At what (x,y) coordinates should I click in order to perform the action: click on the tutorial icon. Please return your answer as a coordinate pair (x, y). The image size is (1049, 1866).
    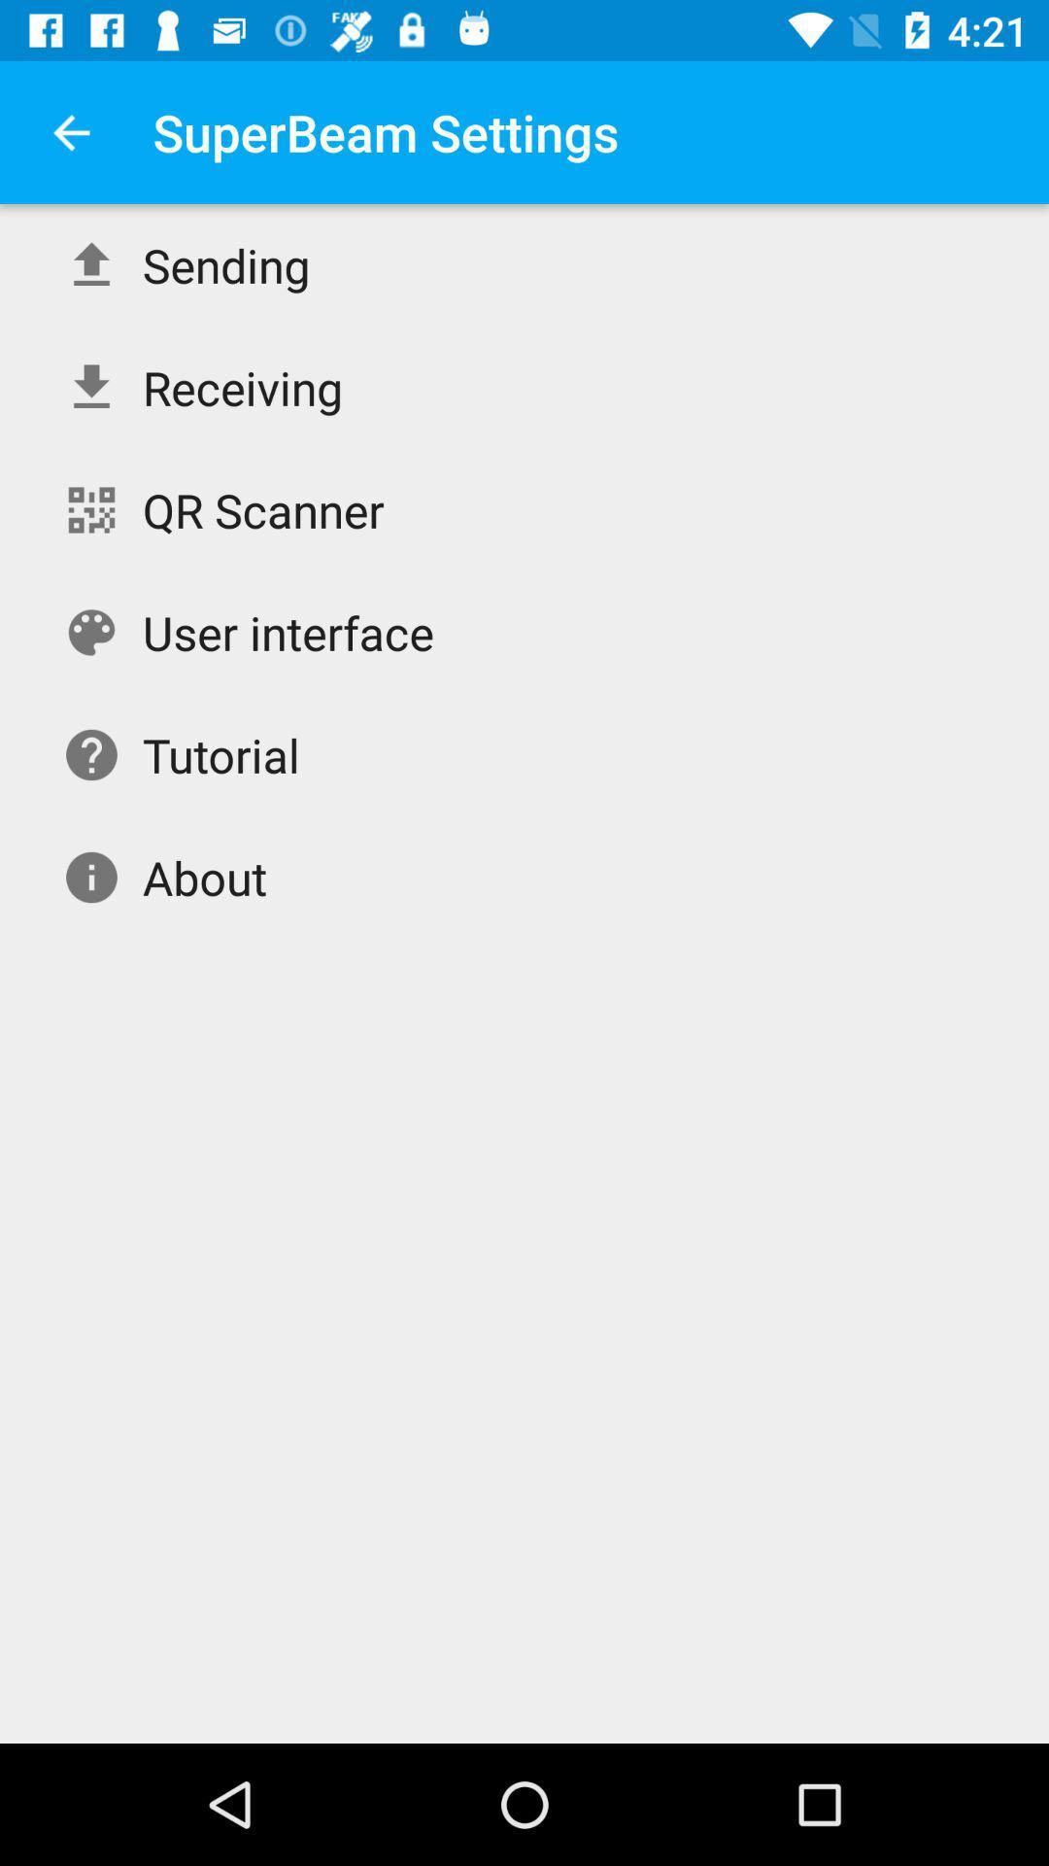
    Looking at the image, I should click on (220, 754).